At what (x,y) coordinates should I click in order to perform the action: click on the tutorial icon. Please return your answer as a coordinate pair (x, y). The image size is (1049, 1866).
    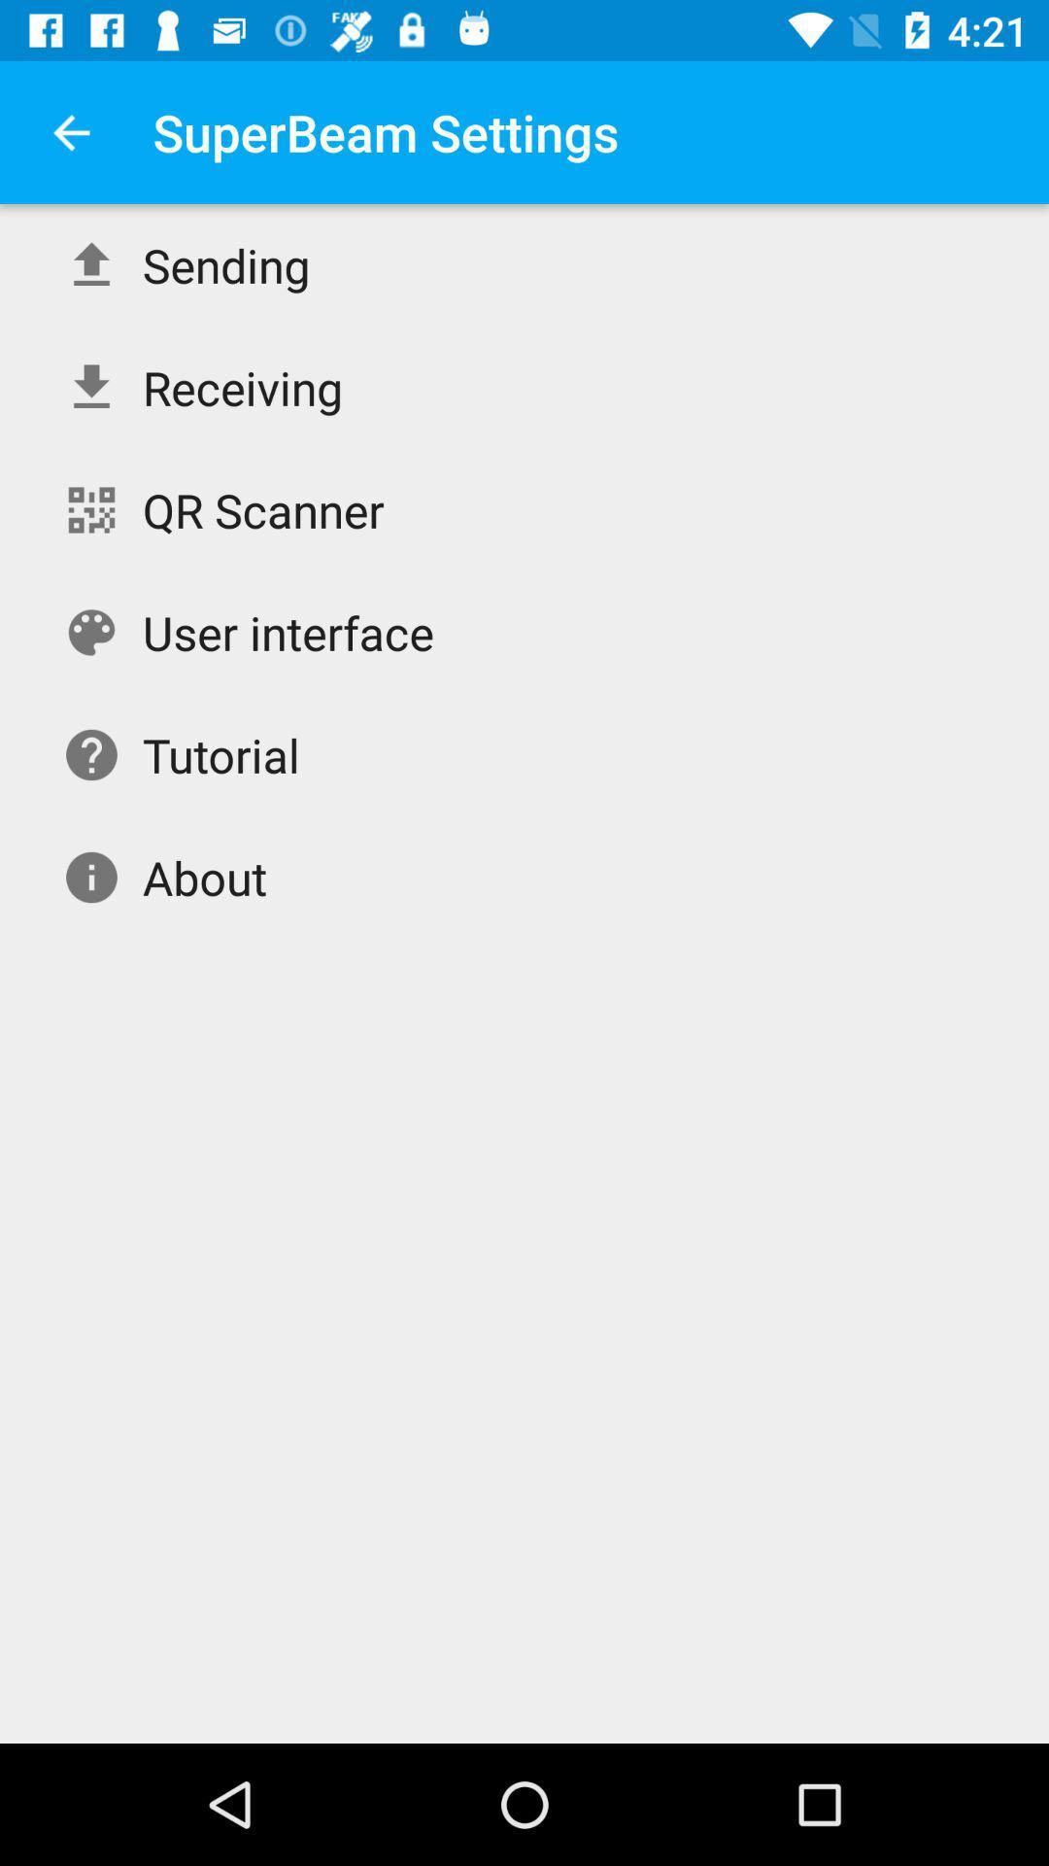
    Looking at the image, I should click on (220, 754).